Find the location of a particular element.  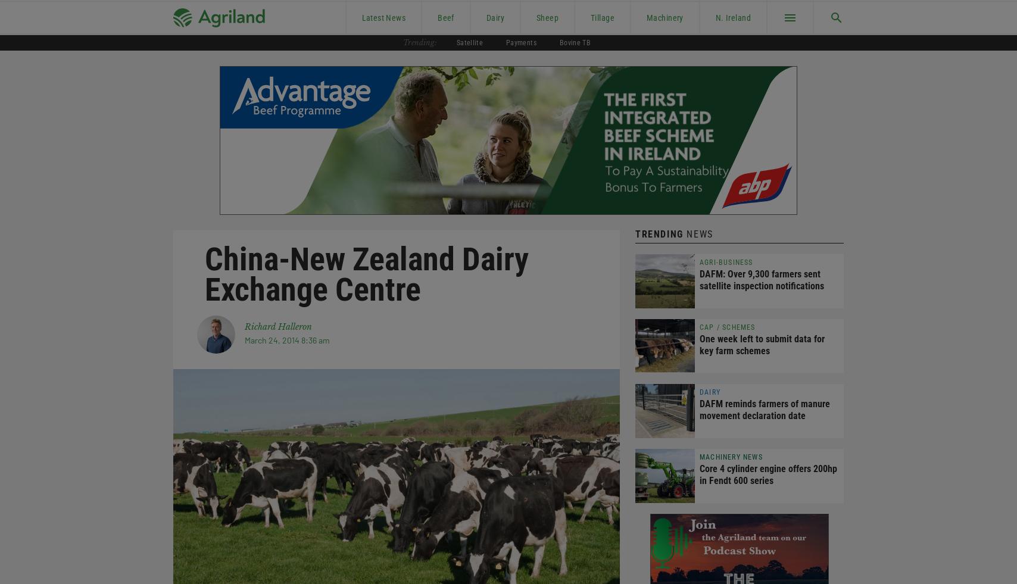

'N. Ireland' is located at coordinates (732, 17).